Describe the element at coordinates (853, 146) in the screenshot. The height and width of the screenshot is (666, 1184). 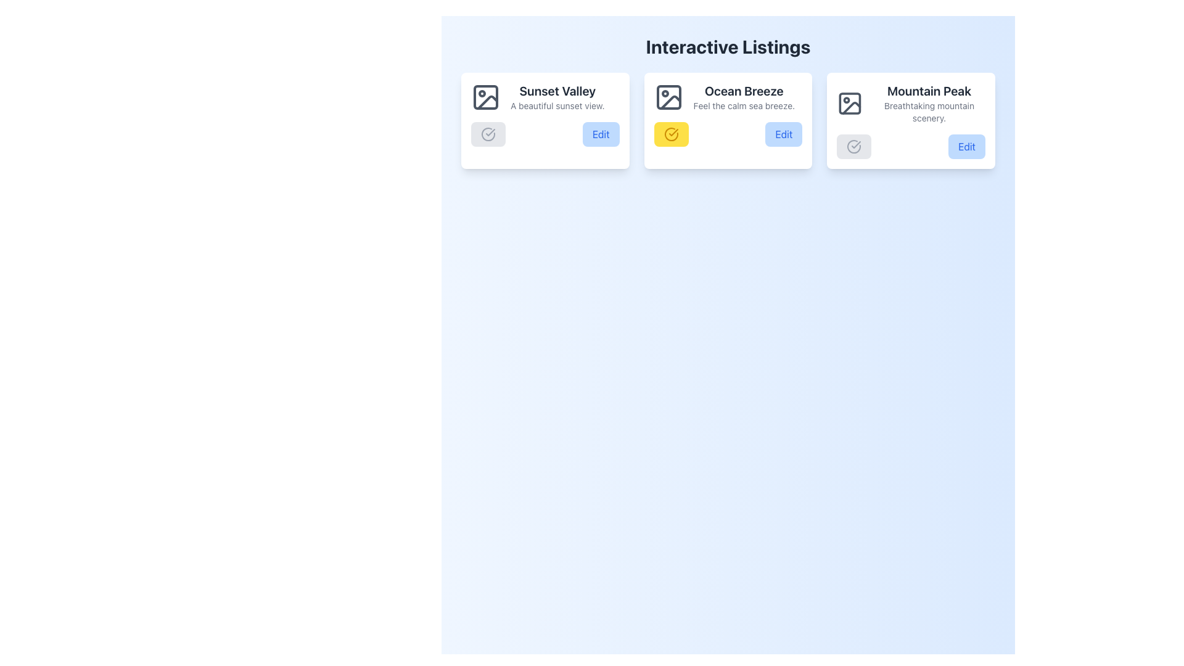
I see `the status icon located within the 'Mountain Peak' card, positioned below the image and title text` at that location.